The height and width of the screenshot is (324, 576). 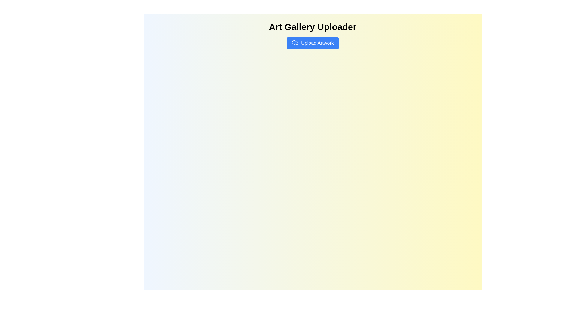 I want to click on the cloud icon element within the SVG image, which symbolizes upload or cloud storage, located adjacent to the 'Upload Artwork' button, so click(x=295, y=42).